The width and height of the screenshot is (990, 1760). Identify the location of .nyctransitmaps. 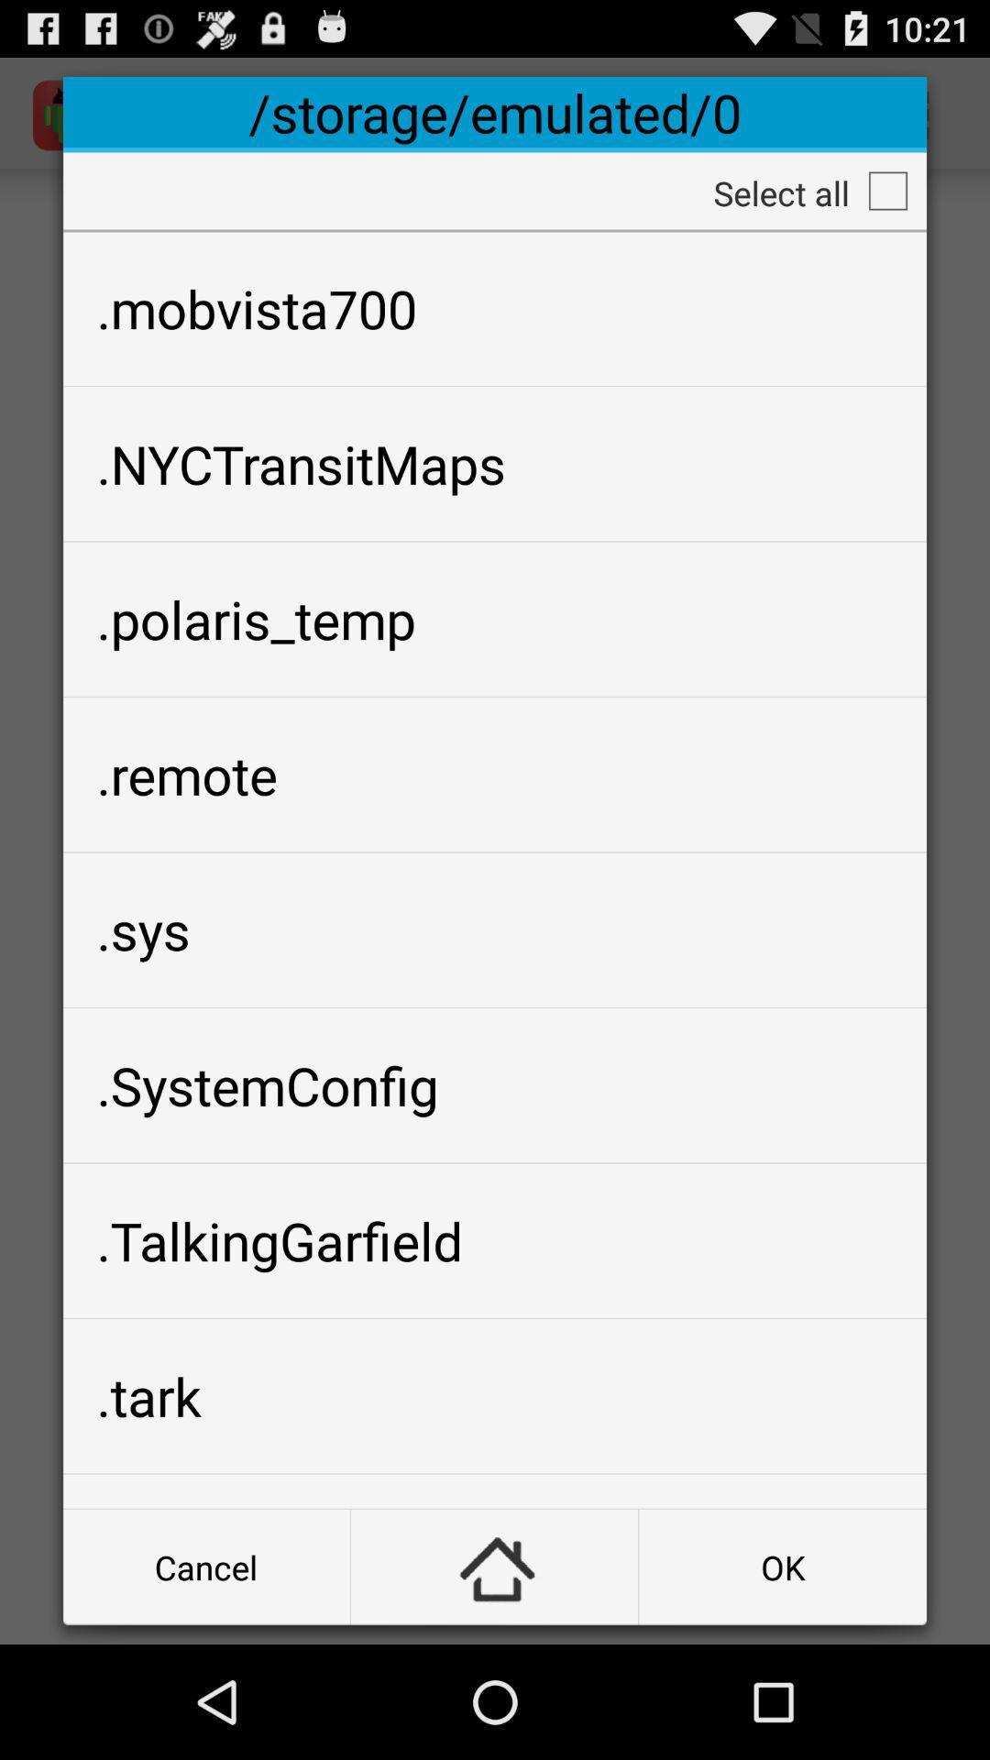
(495, 464).